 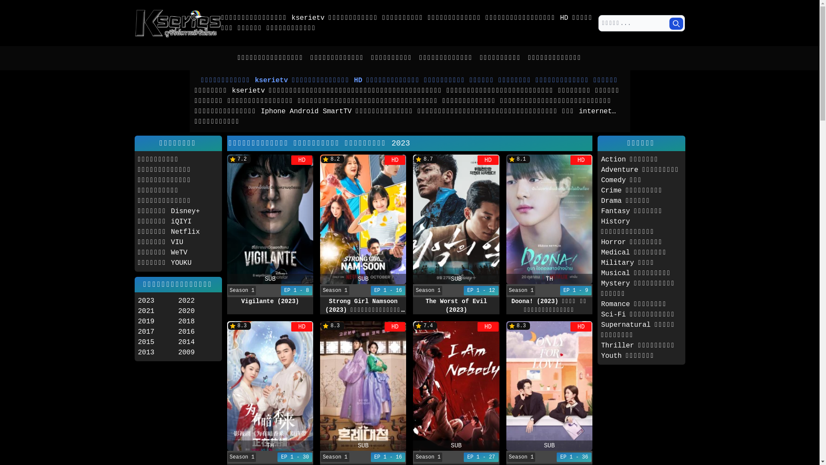 I want to click on '2023', so click(x=157, y=300).